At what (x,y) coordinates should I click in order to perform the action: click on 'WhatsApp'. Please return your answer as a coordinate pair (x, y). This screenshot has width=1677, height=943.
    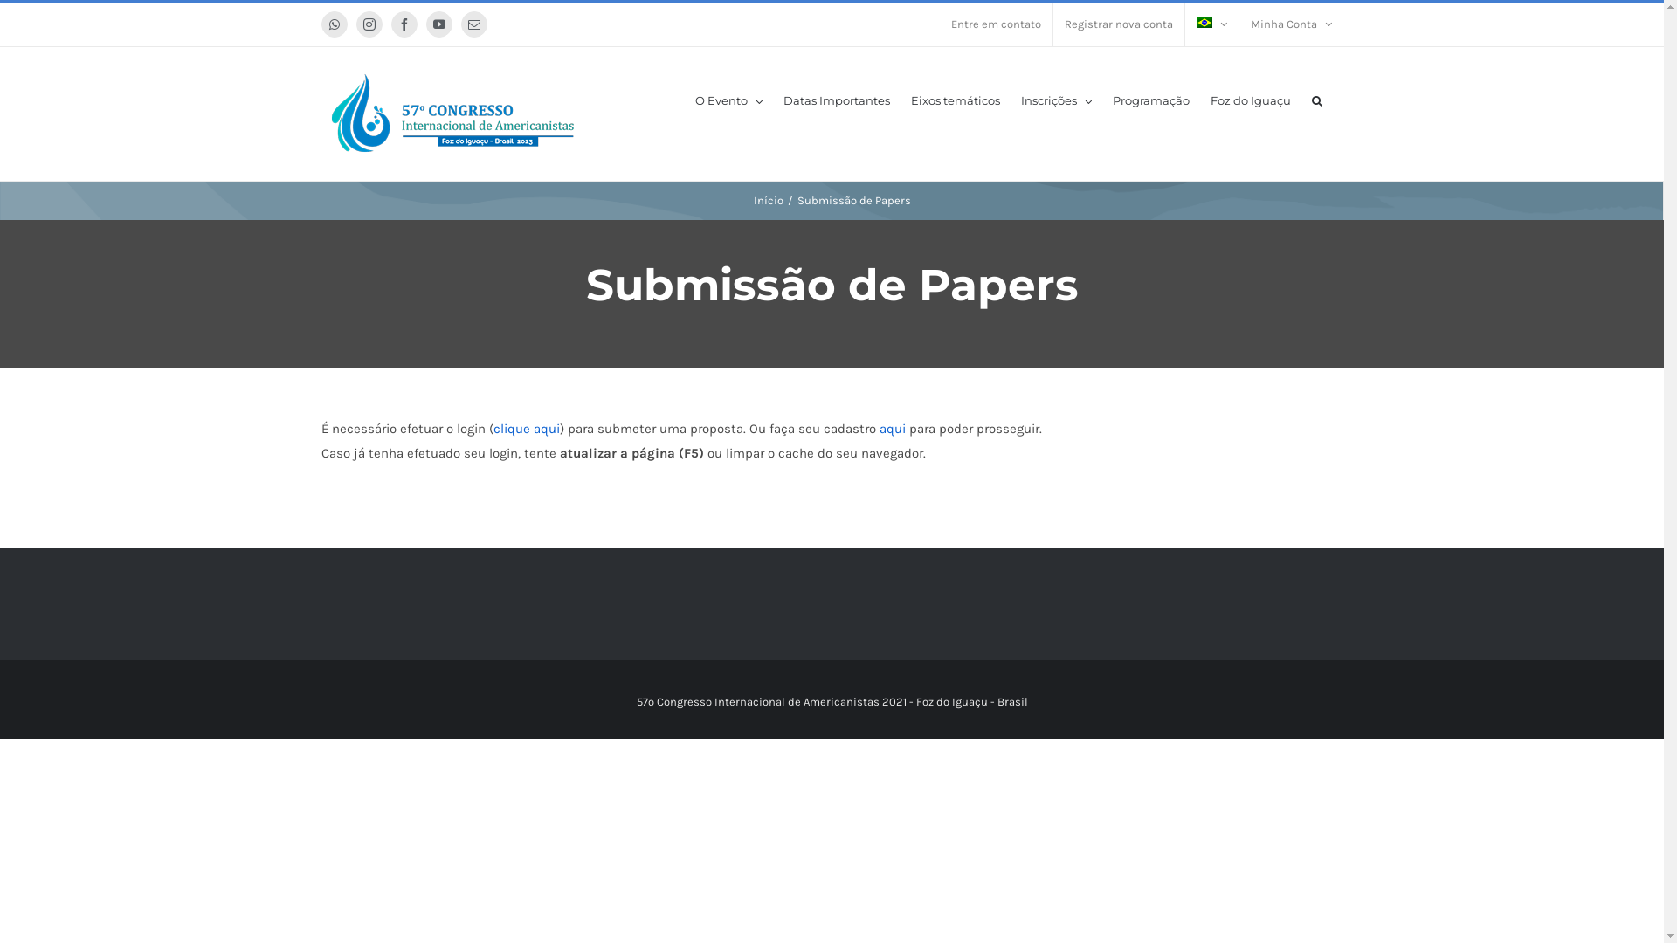
    Looking at the image, I should click on (335, 24).